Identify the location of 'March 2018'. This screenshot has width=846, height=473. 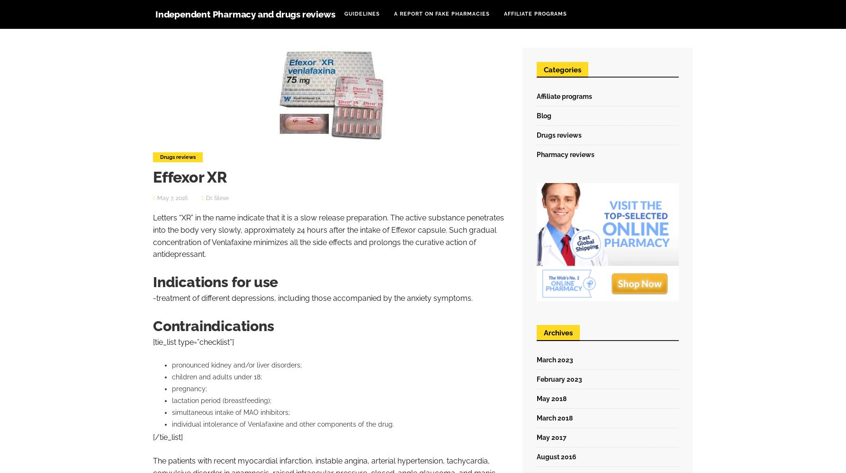
(554, 418).